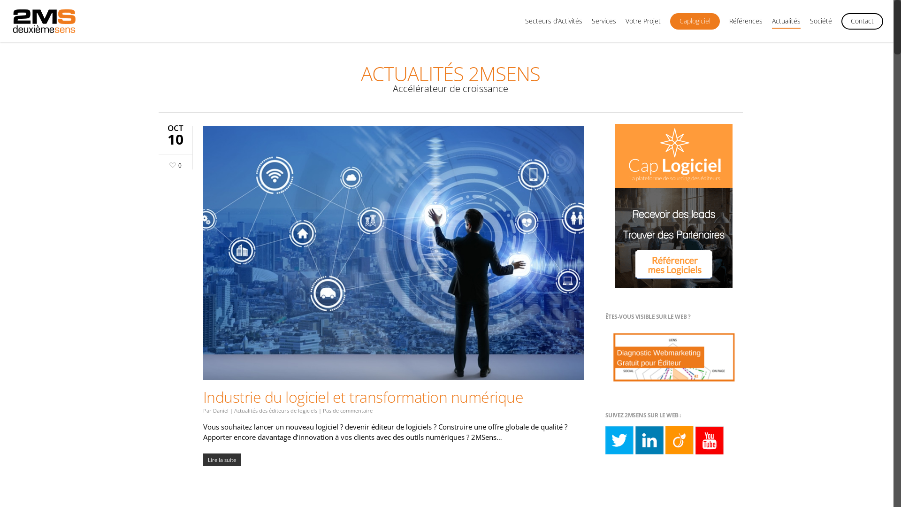 Image resolution: width=901 pixels, height=507 pixels. What do you see at coordinates (862, 25) in the screenshot?
I see `'Contact'` at bounding box center [862, 25].